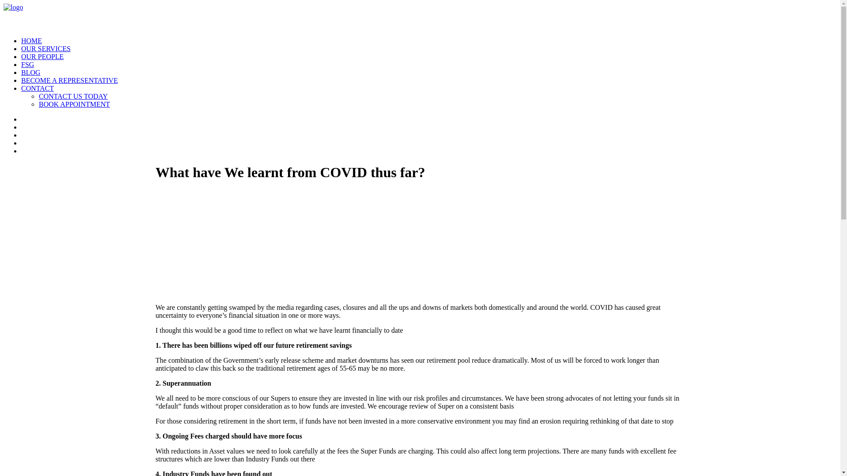 This screenshot has height=476, width=847. What do you see at coordinates (45, 48) in the screenshot?
I see `'OUR SERVICES'` at bounding box center [45, 48].